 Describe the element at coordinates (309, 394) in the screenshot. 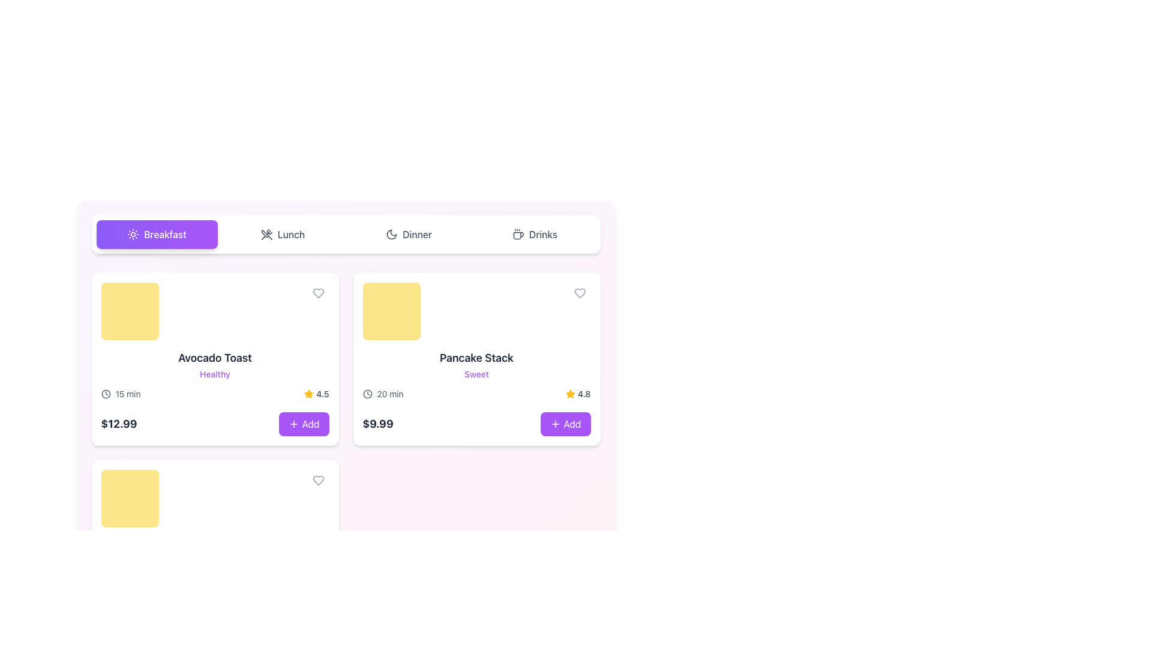

I see `golden star icon used for ratings located next to the text '4.5' in the 'Avocado Toast' card, positioned before the 'Add' button` at that location.